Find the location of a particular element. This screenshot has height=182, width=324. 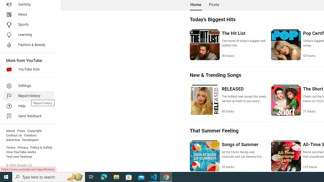

'Press' is located at coordinates (21, 131).